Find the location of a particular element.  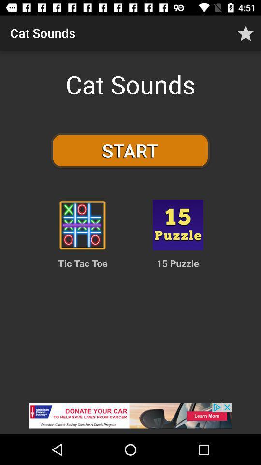

15 puzzle is located at coordinates (177, 225).